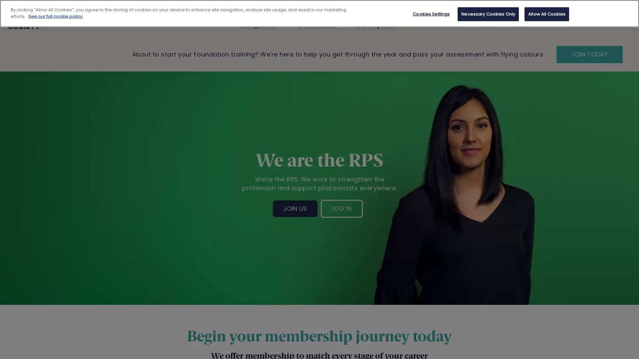 The height and width of the screenshot is (359, 639). I want to click on Allow All Cookies, so click(546, 14).